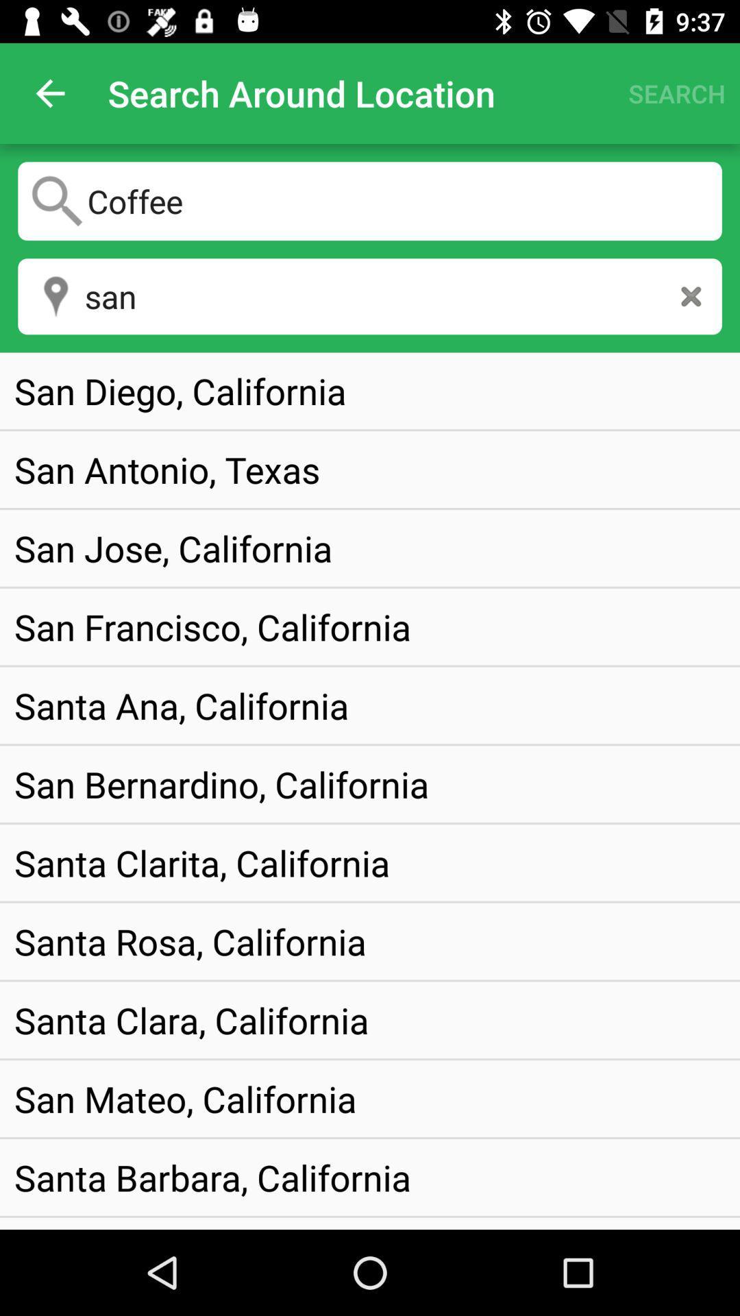  What do you see at coordinates (221, 784) in the screenshot?
I see `icon below santa ana, california item` at bounding box center [221, 784].